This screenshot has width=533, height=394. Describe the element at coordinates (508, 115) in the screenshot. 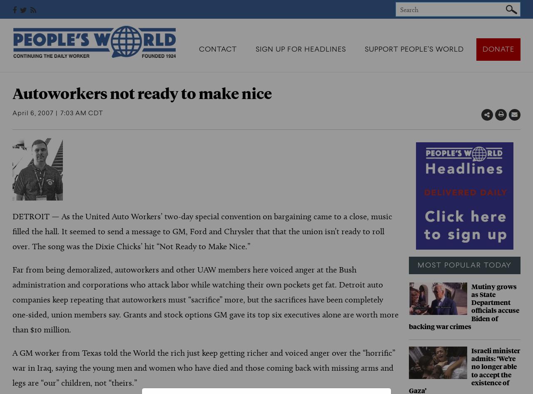

I see `'Share'` at that location.